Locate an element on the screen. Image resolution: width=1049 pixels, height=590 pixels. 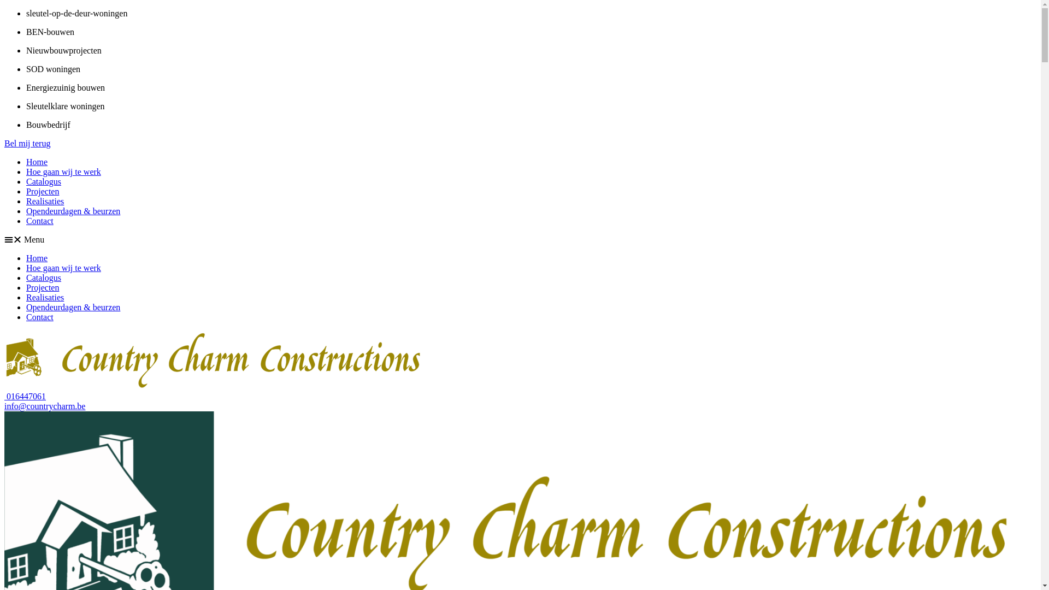
'Catalogus' is located at coordinates (44, 181).